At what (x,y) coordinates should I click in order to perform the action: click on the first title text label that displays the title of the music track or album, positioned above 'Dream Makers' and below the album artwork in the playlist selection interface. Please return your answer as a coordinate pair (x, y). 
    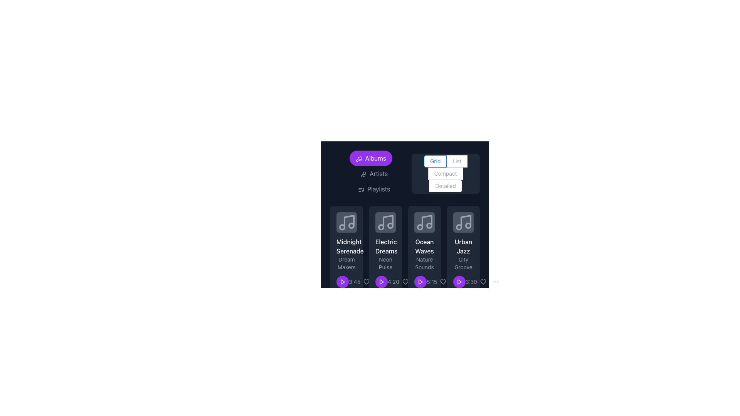
    Looking at the image, I should click on (346, 247).